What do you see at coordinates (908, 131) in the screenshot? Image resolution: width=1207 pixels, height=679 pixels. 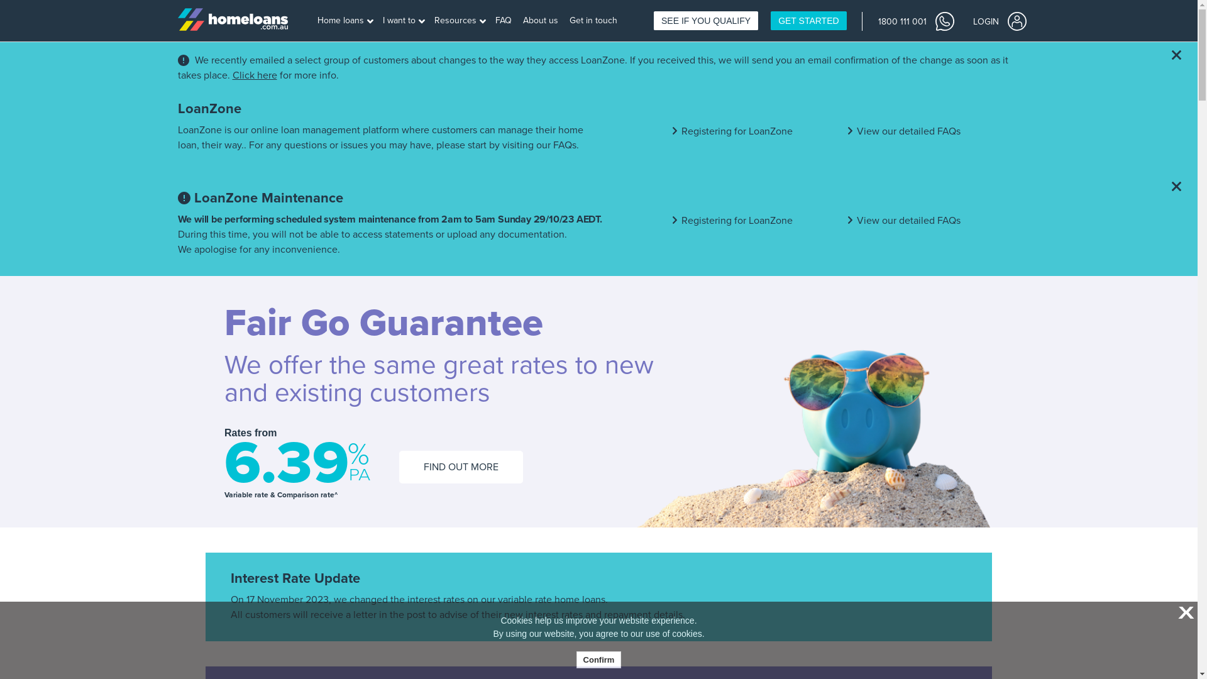 I see `'View our detailed FAQs'` at bounding box center [908, 131].